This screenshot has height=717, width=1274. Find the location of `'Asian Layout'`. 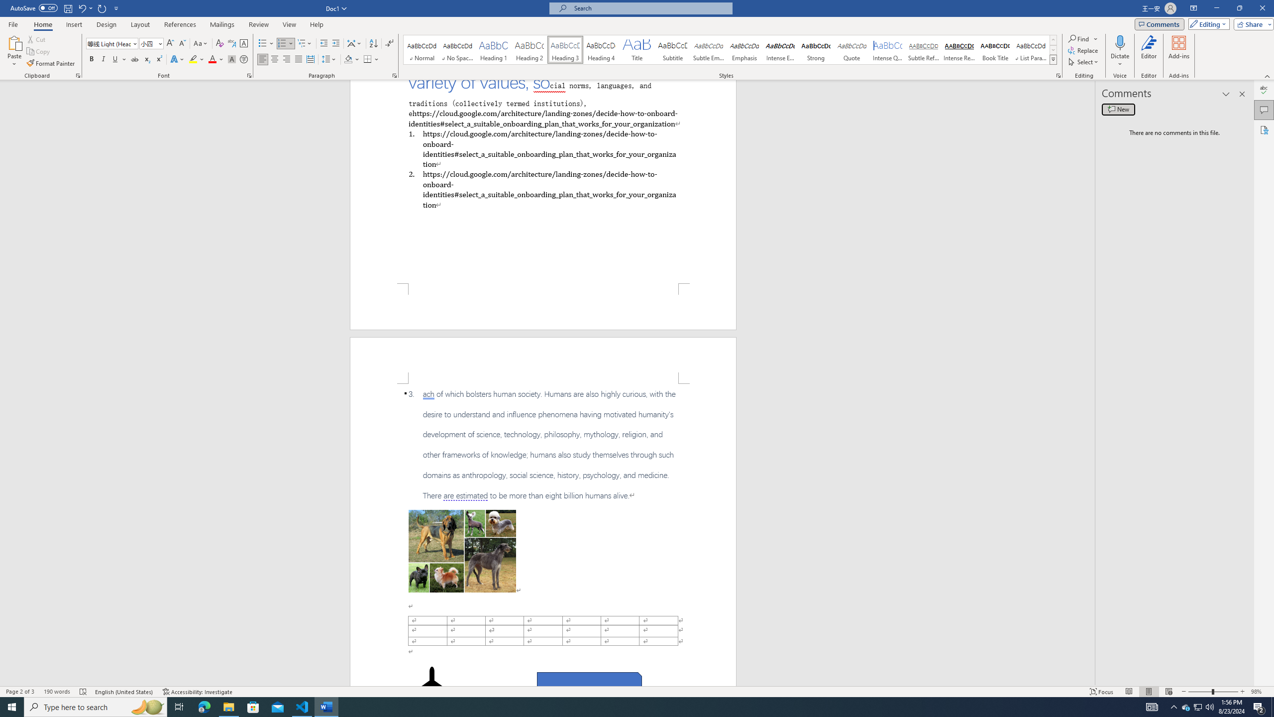

'Asian Layout' is located at coordinates (354, 43).